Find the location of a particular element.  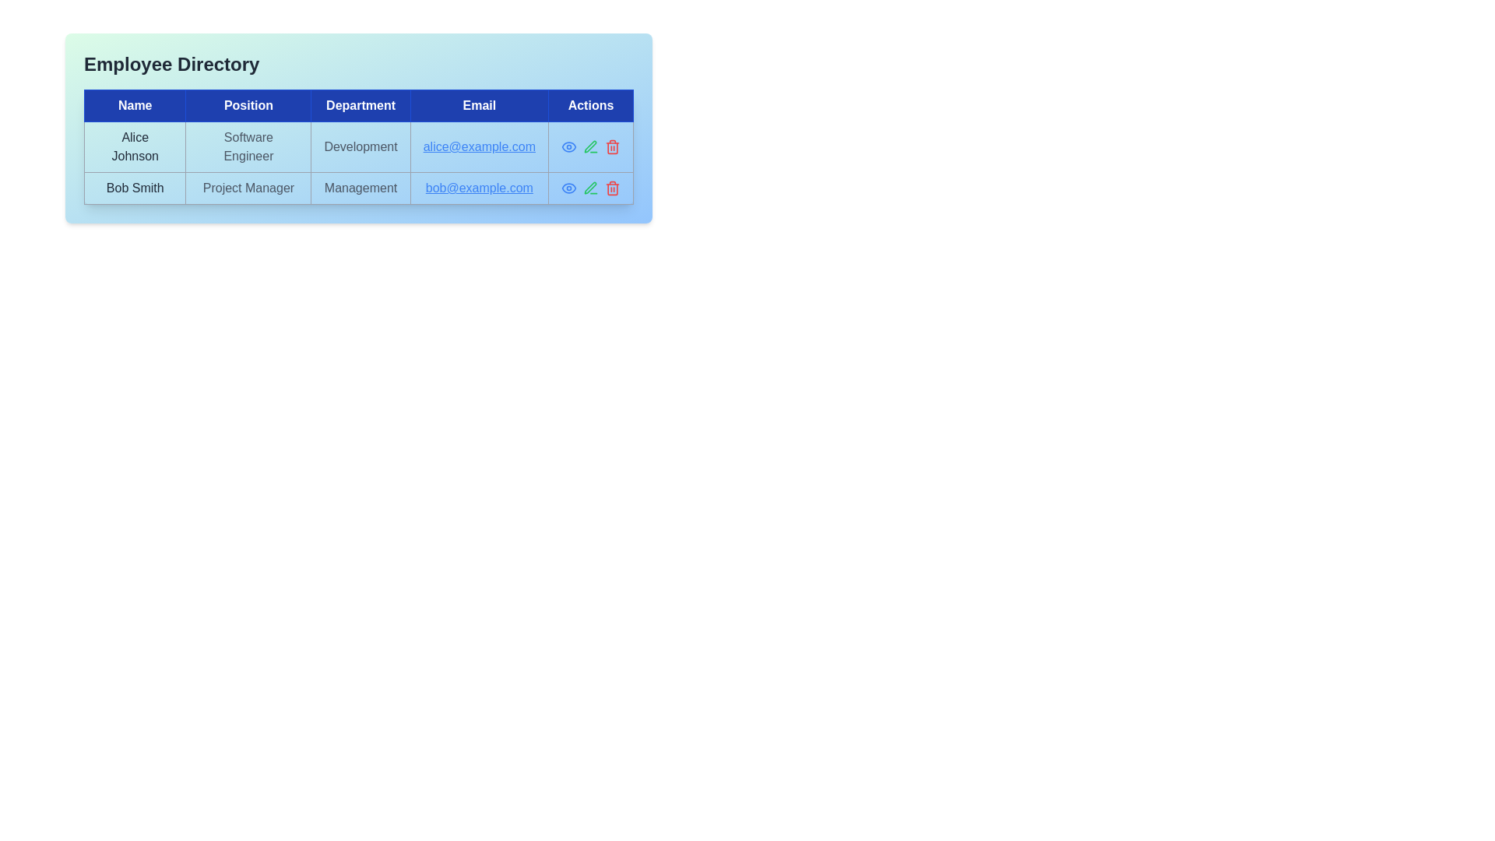

the 'Edit' icon button located in the 'Actions' column of the second row of the table is located at coordinates (589, 147).